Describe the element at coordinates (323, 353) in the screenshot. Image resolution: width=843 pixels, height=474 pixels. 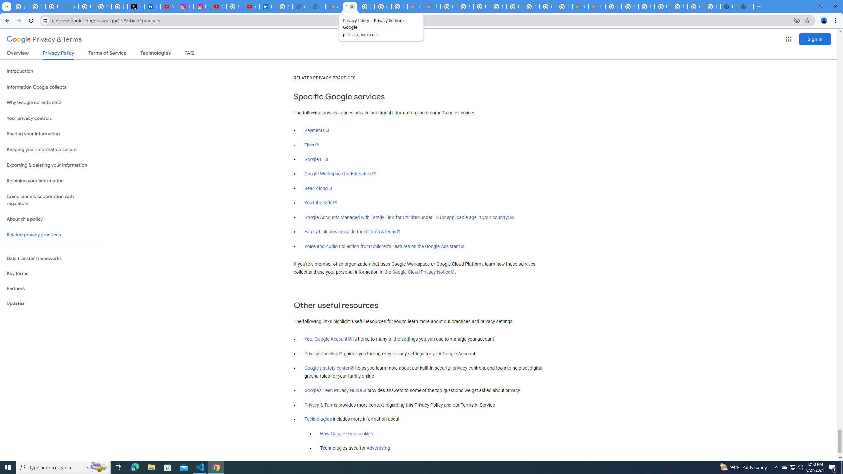
I see `'Privacy Checkup'` at that location.